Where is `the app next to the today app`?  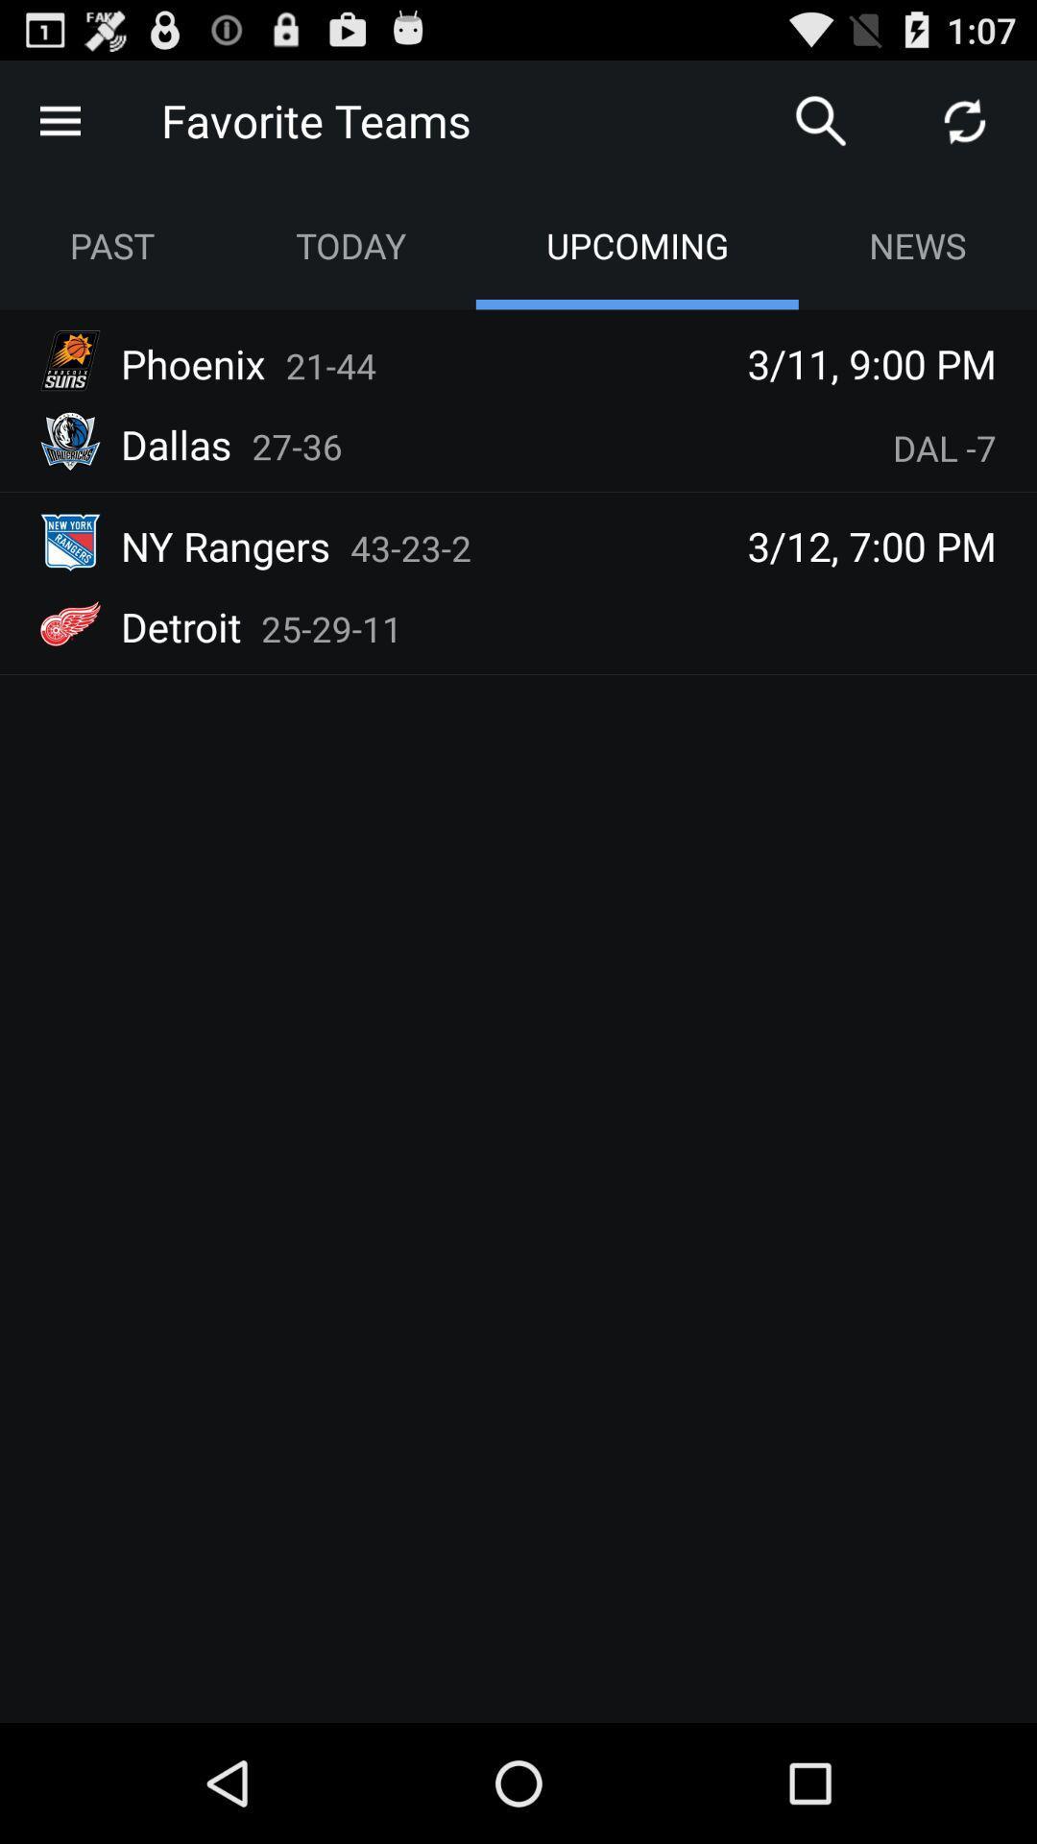 the app next to the today app is located at coordinates (112, 244).